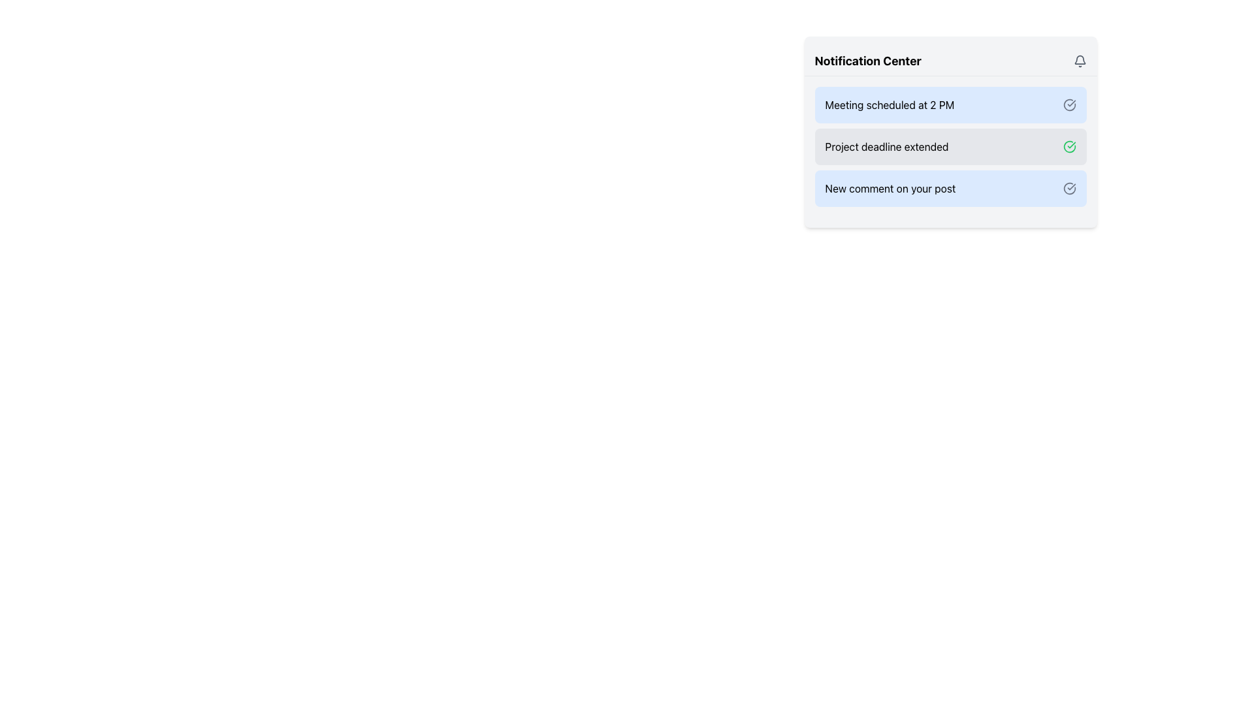 This screenshot has height=705, width=1254. I want to click on the header text label indicating the purpose of the notification center section, located at the top-left corner of the notification center, so click(868, 61).